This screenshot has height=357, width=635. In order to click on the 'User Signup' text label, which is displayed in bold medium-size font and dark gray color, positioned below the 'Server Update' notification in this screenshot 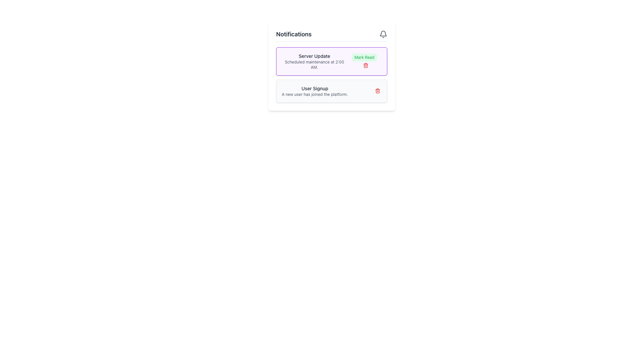, I will do `click(314, 88)`.